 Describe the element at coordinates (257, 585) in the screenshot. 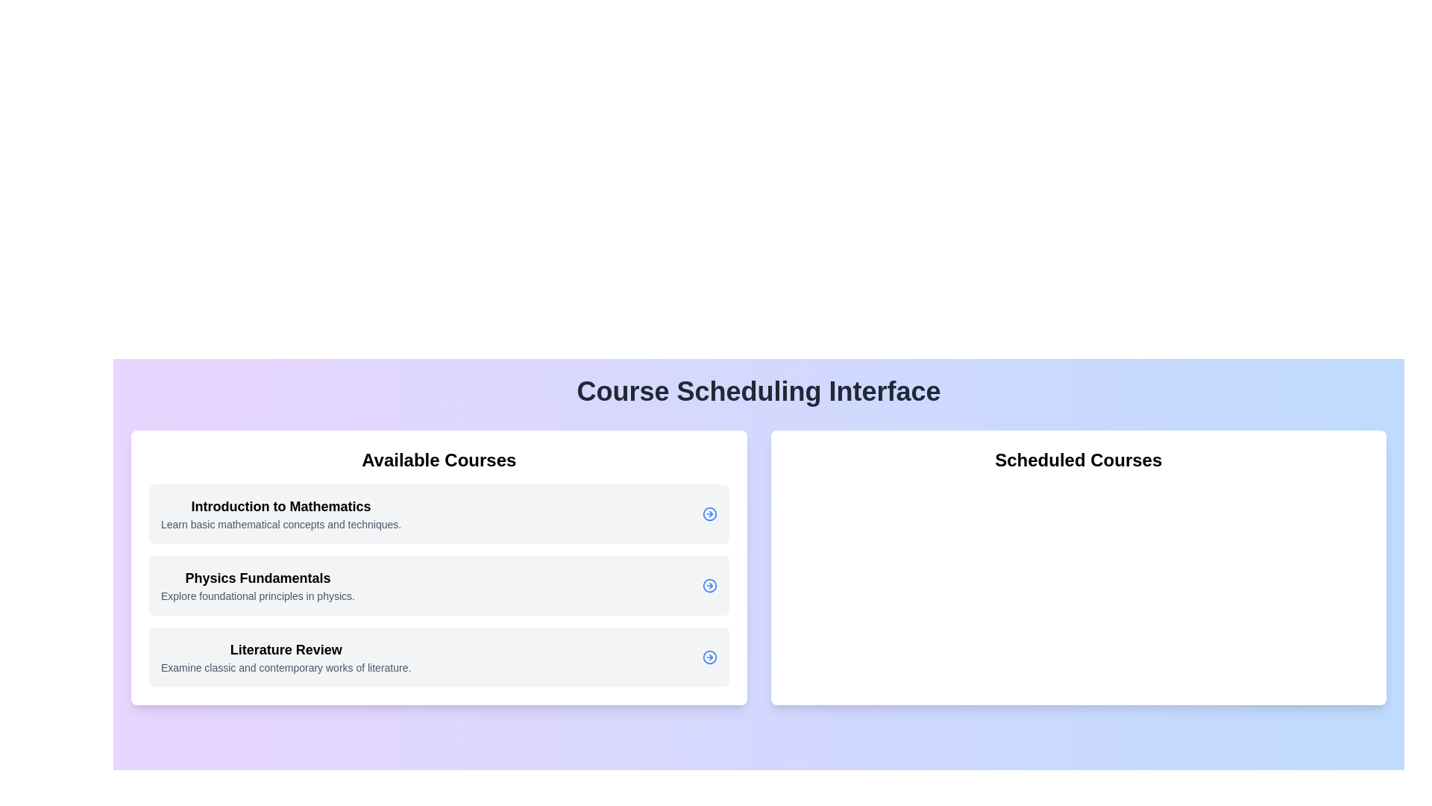

I see `to select the 'Physics Fundamentals' course in the 'Available Courses' section, identified by its title in bold and larger font` at that location.